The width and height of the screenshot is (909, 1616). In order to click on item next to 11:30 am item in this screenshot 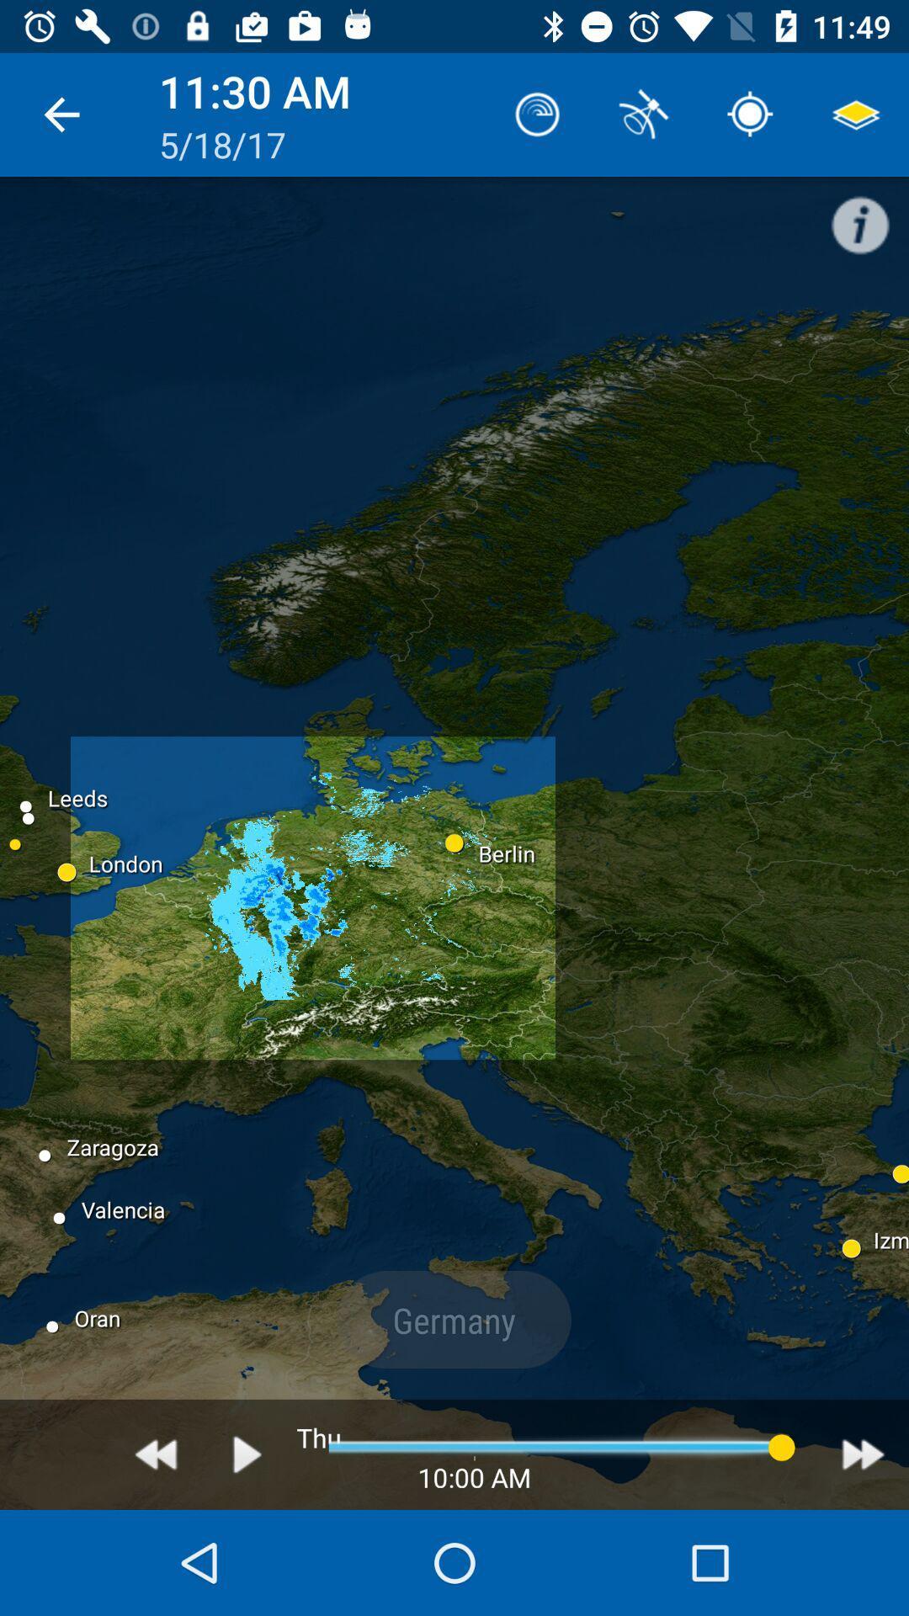, I will do `click(61, 114)`.